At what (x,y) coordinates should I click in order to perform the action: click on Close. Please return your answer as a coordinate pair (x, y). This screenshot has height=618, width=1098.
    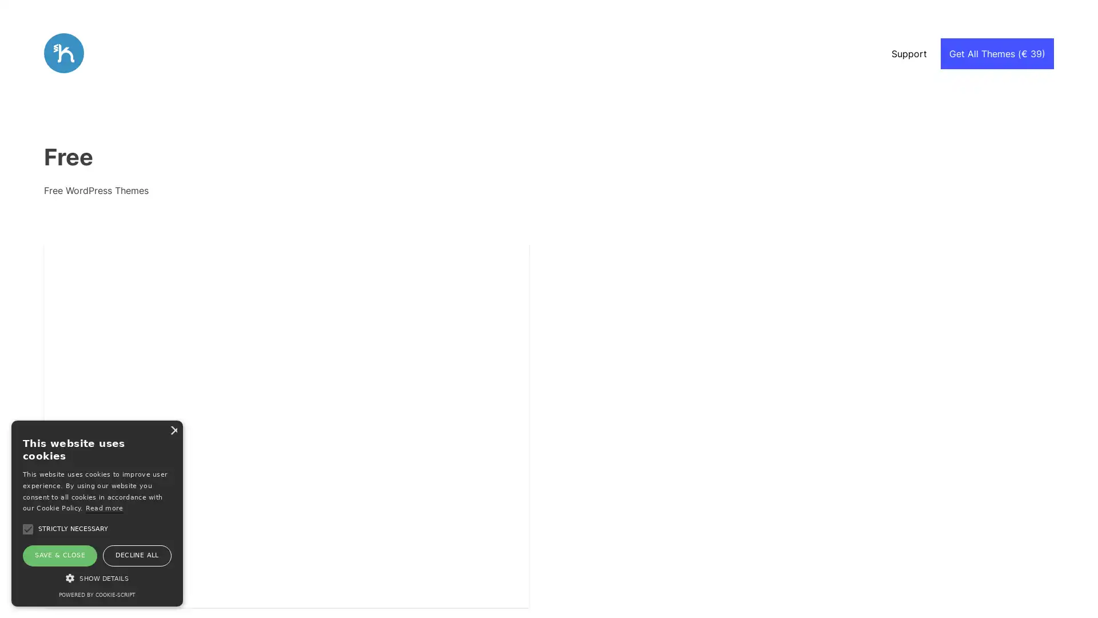
    Looking at the image, I should click on (172, 430).